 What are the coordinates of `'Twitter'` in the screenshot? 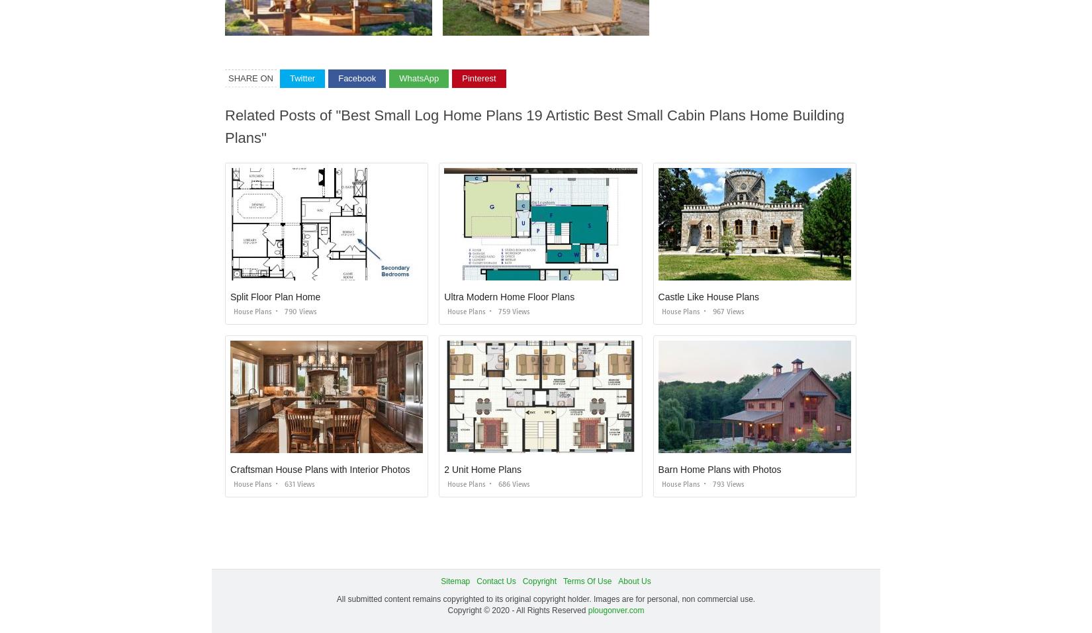 It's located at (288, 77).